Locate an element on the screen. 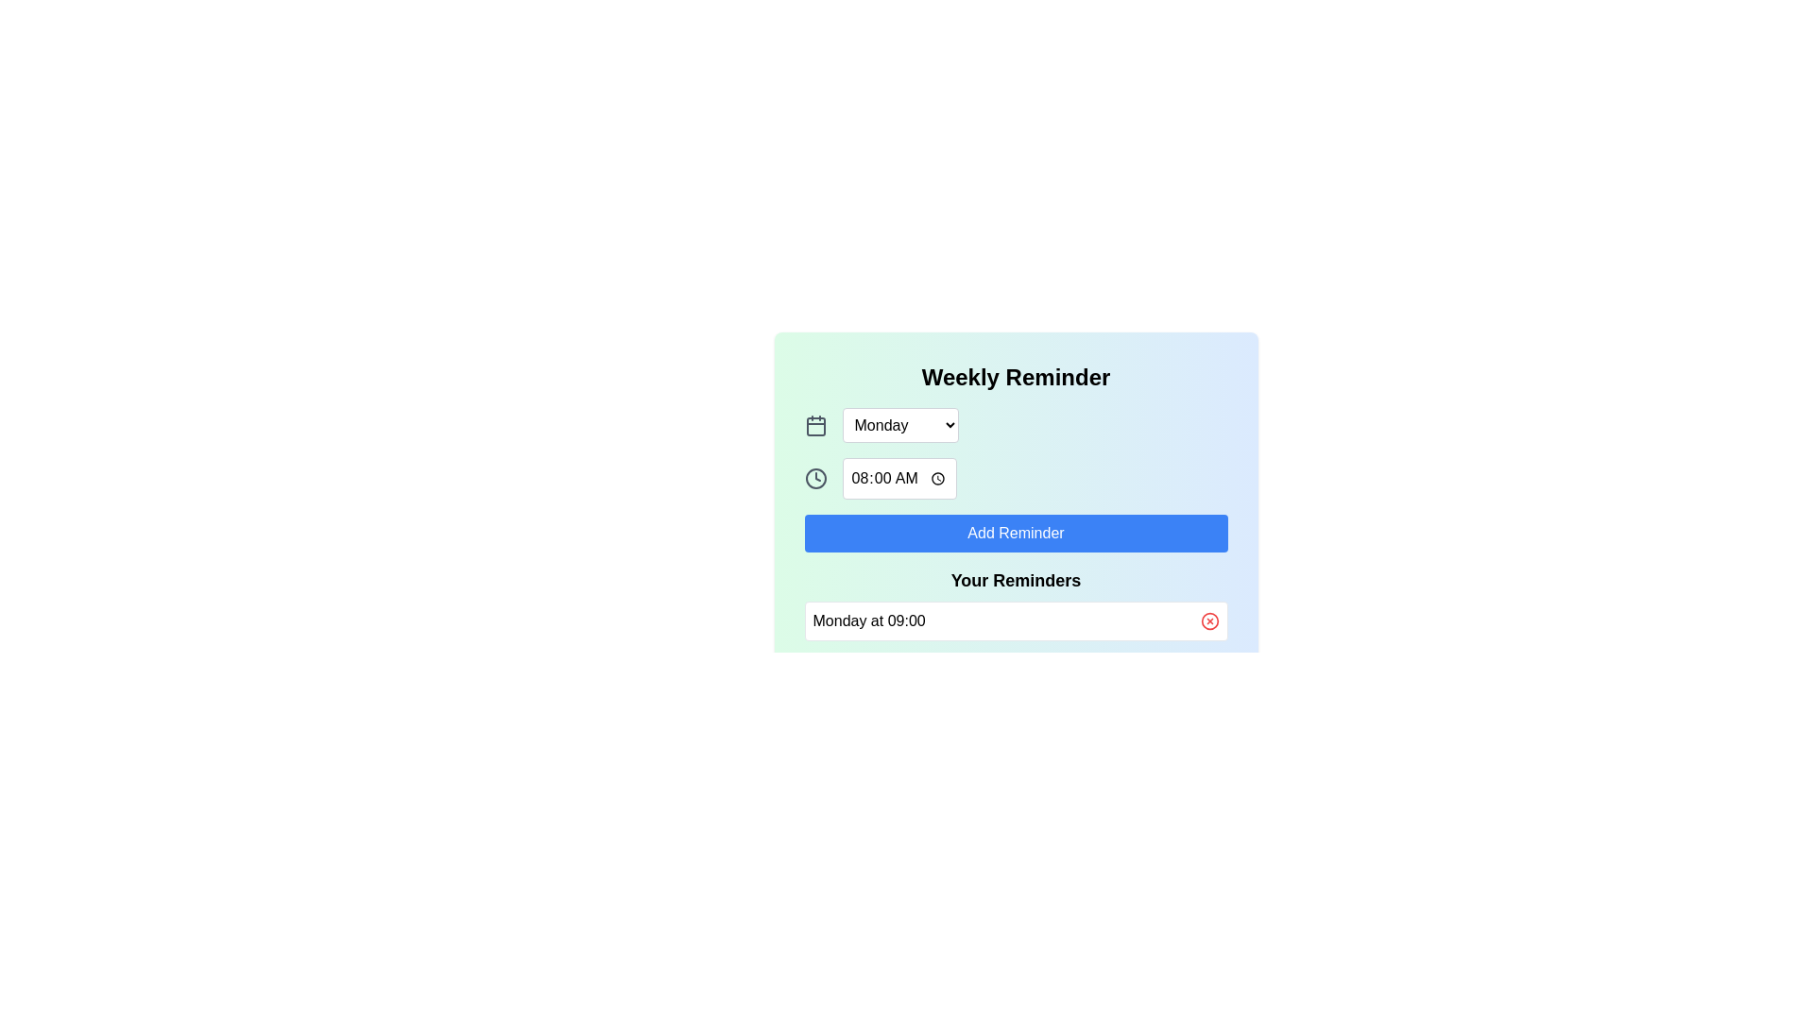 The height and width of the screenshot is (1020, 1814). the text label that serves as a section title for reminders, located above the 'Monday at 09:00' text and delete button, within a card-like interface is located at coordinates (1015, 579).